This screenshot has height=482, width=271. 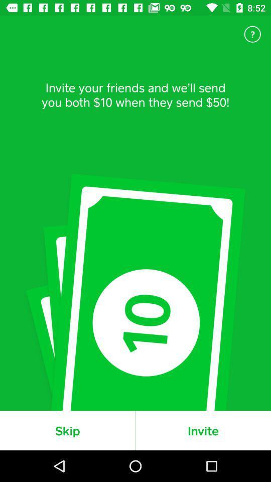 I want to click on the help icon, so click(x=252, y=34).